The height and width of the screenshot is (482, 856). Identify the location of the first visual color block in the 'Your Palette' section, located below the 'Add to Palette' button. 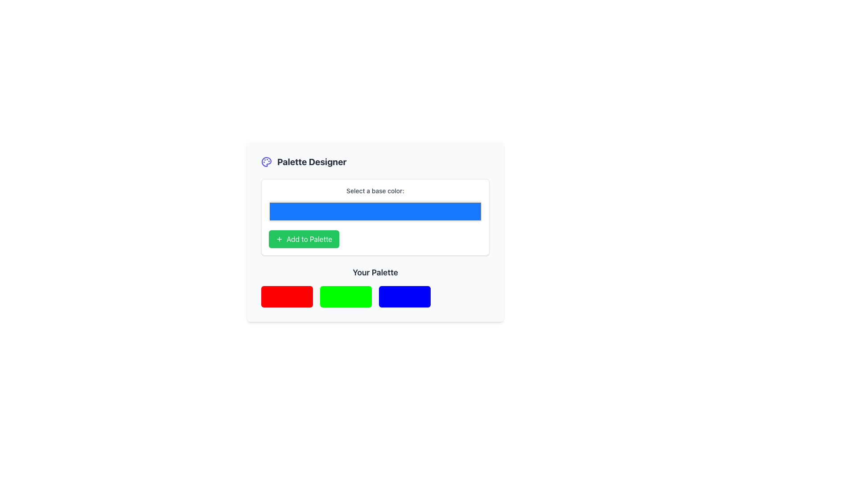
(287, 296).